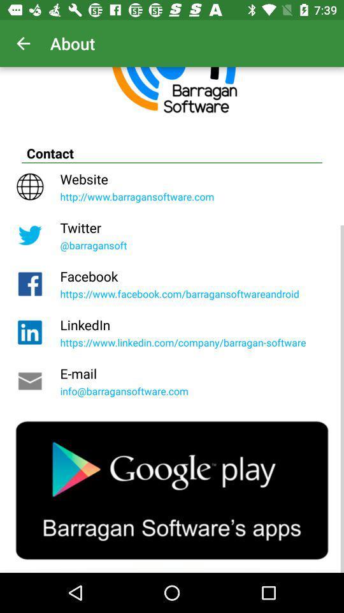 The image size is (344, 613). I want to click on icon above the contact, so click(23, 43).